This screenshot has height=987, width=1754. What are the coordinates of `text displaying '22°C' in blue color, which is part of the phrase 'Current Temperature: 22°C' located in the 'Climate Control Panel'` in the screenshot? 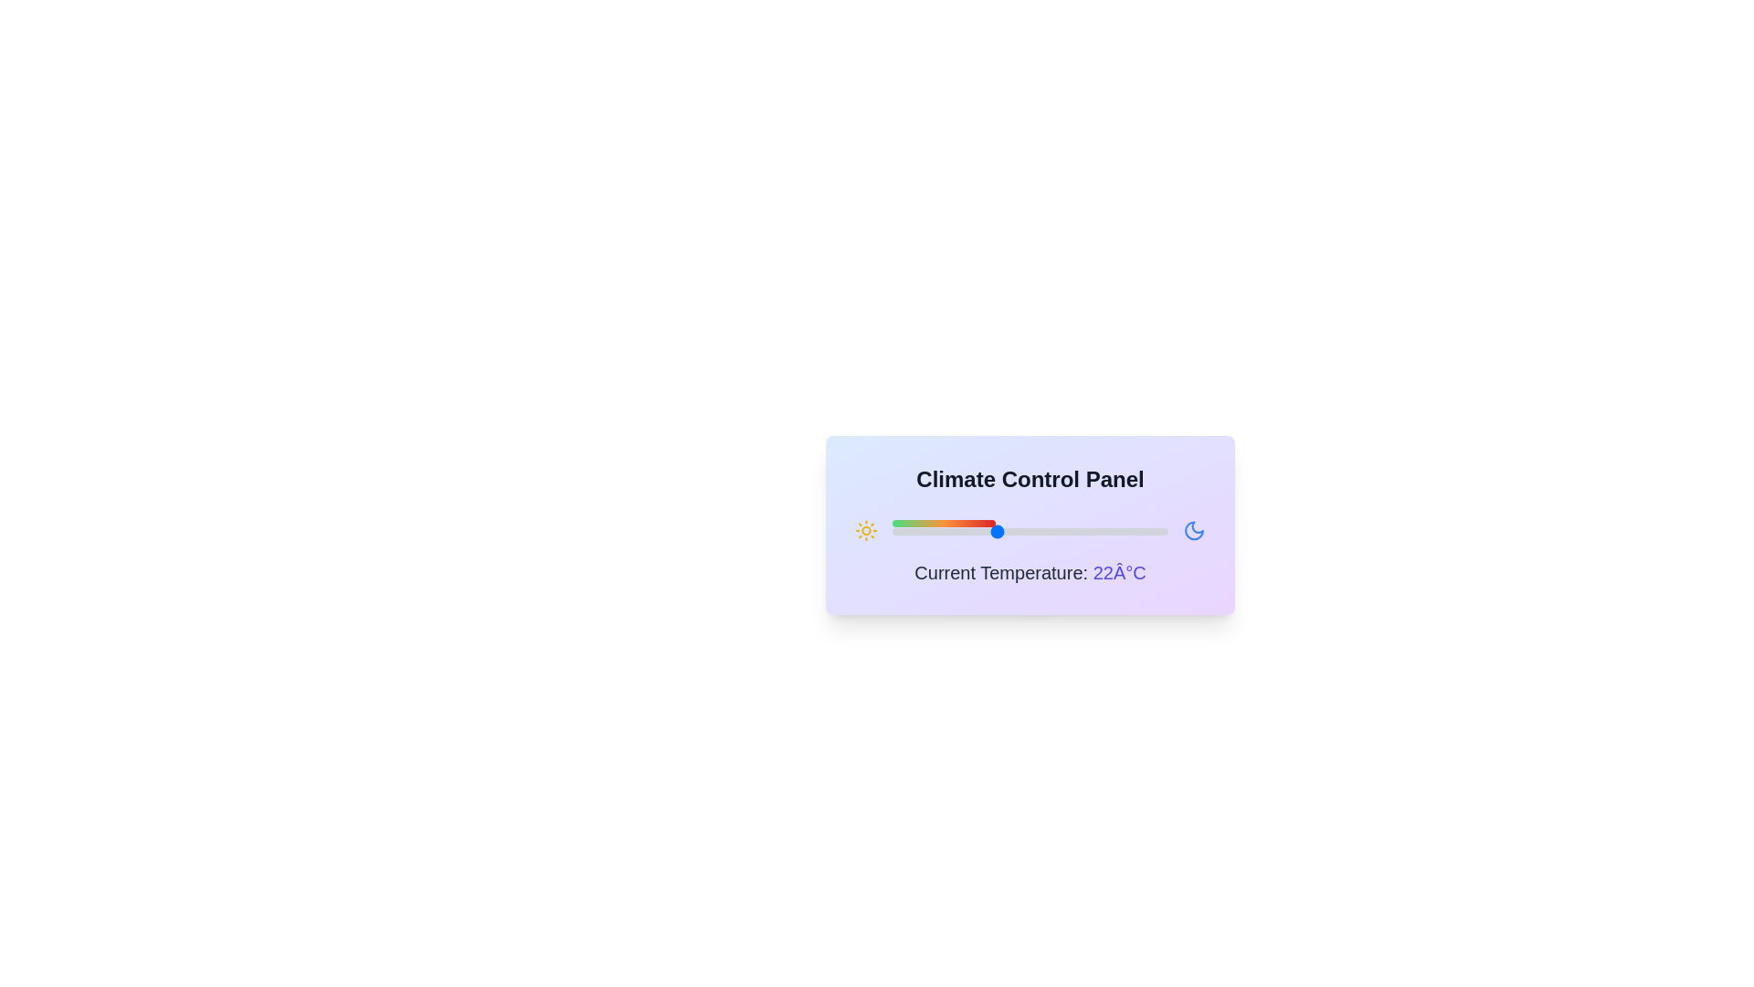 It's located at (1118, 572).